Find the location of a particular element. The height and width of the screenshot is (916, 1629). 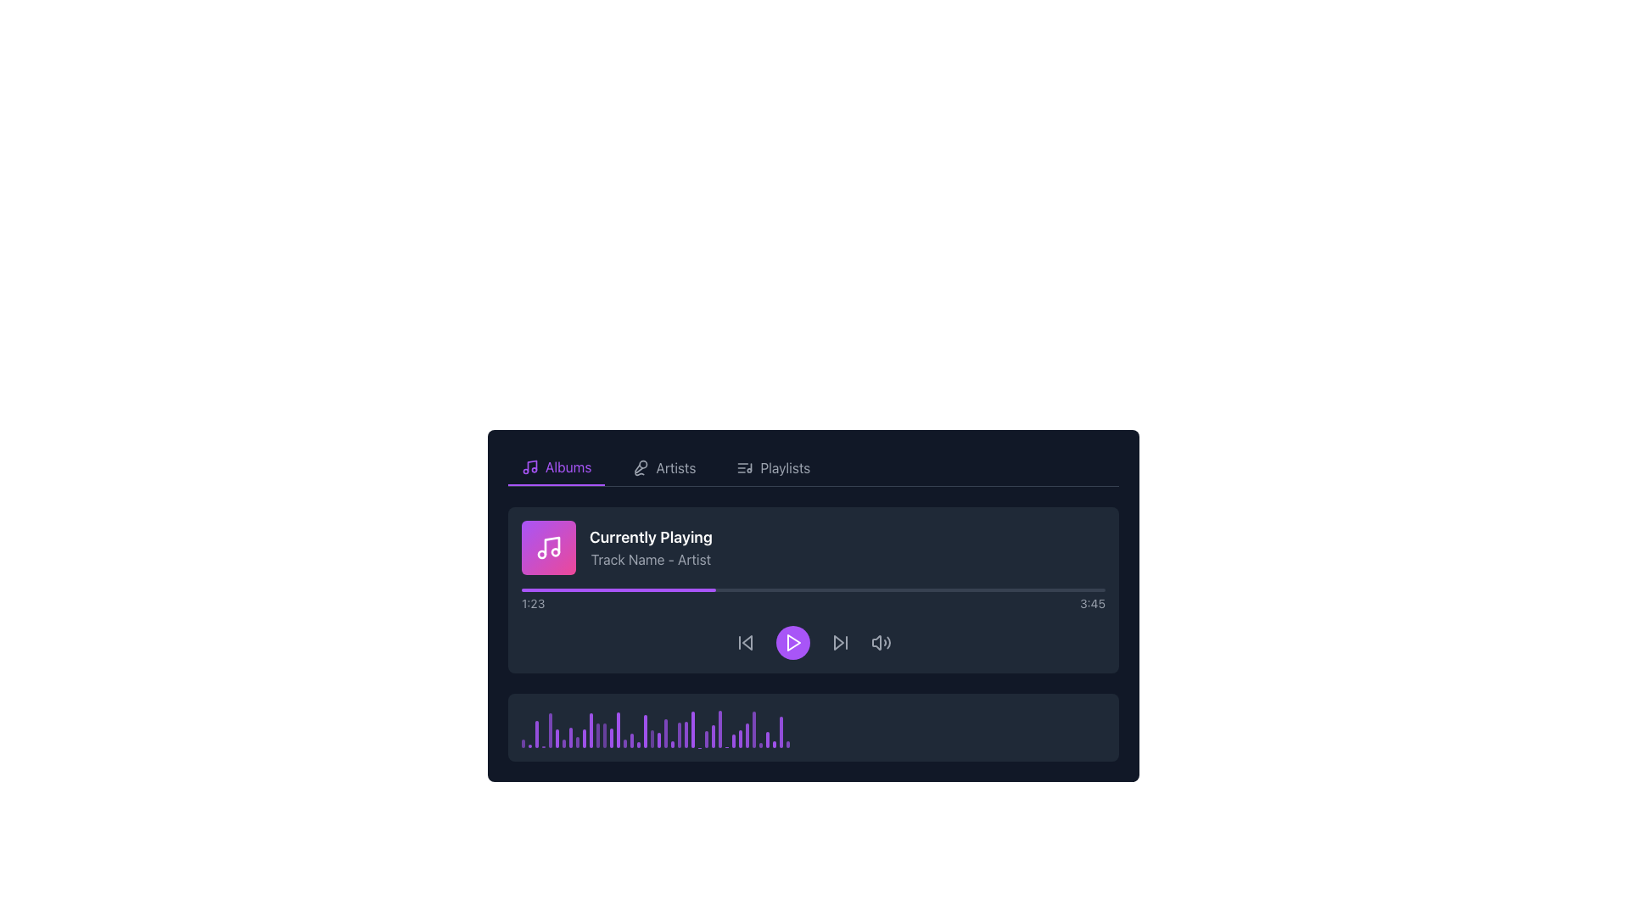

the volume control icon located on the far right side of the bottom control bar is located at coordinates (876, 643).